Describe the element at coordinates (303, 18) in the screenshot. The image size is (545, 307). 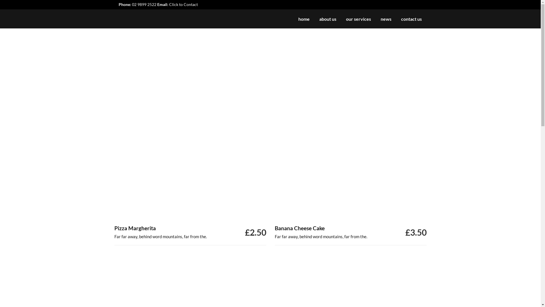
I see `'home'` at that location.